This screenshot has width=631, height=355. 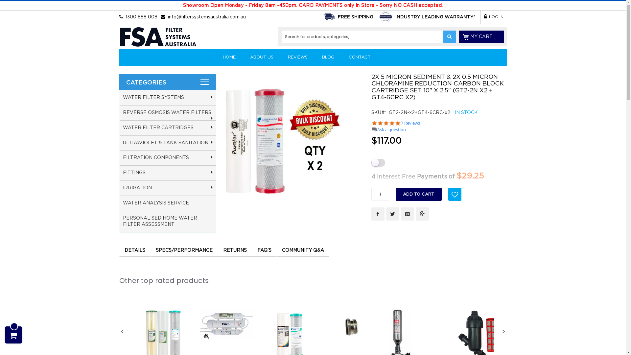 I want to click on 'REVIEWS', so click(x=297, y=57).